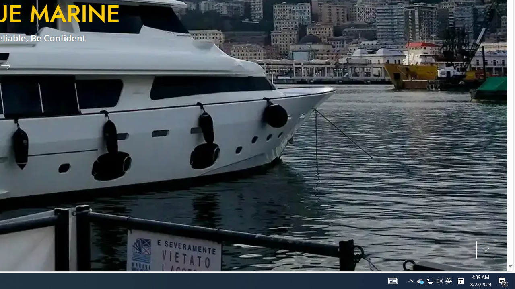  What do you see at coordinates (9, 65) in the screenshot?
I see `'Next Slide'` at bounding box center [9, 65].